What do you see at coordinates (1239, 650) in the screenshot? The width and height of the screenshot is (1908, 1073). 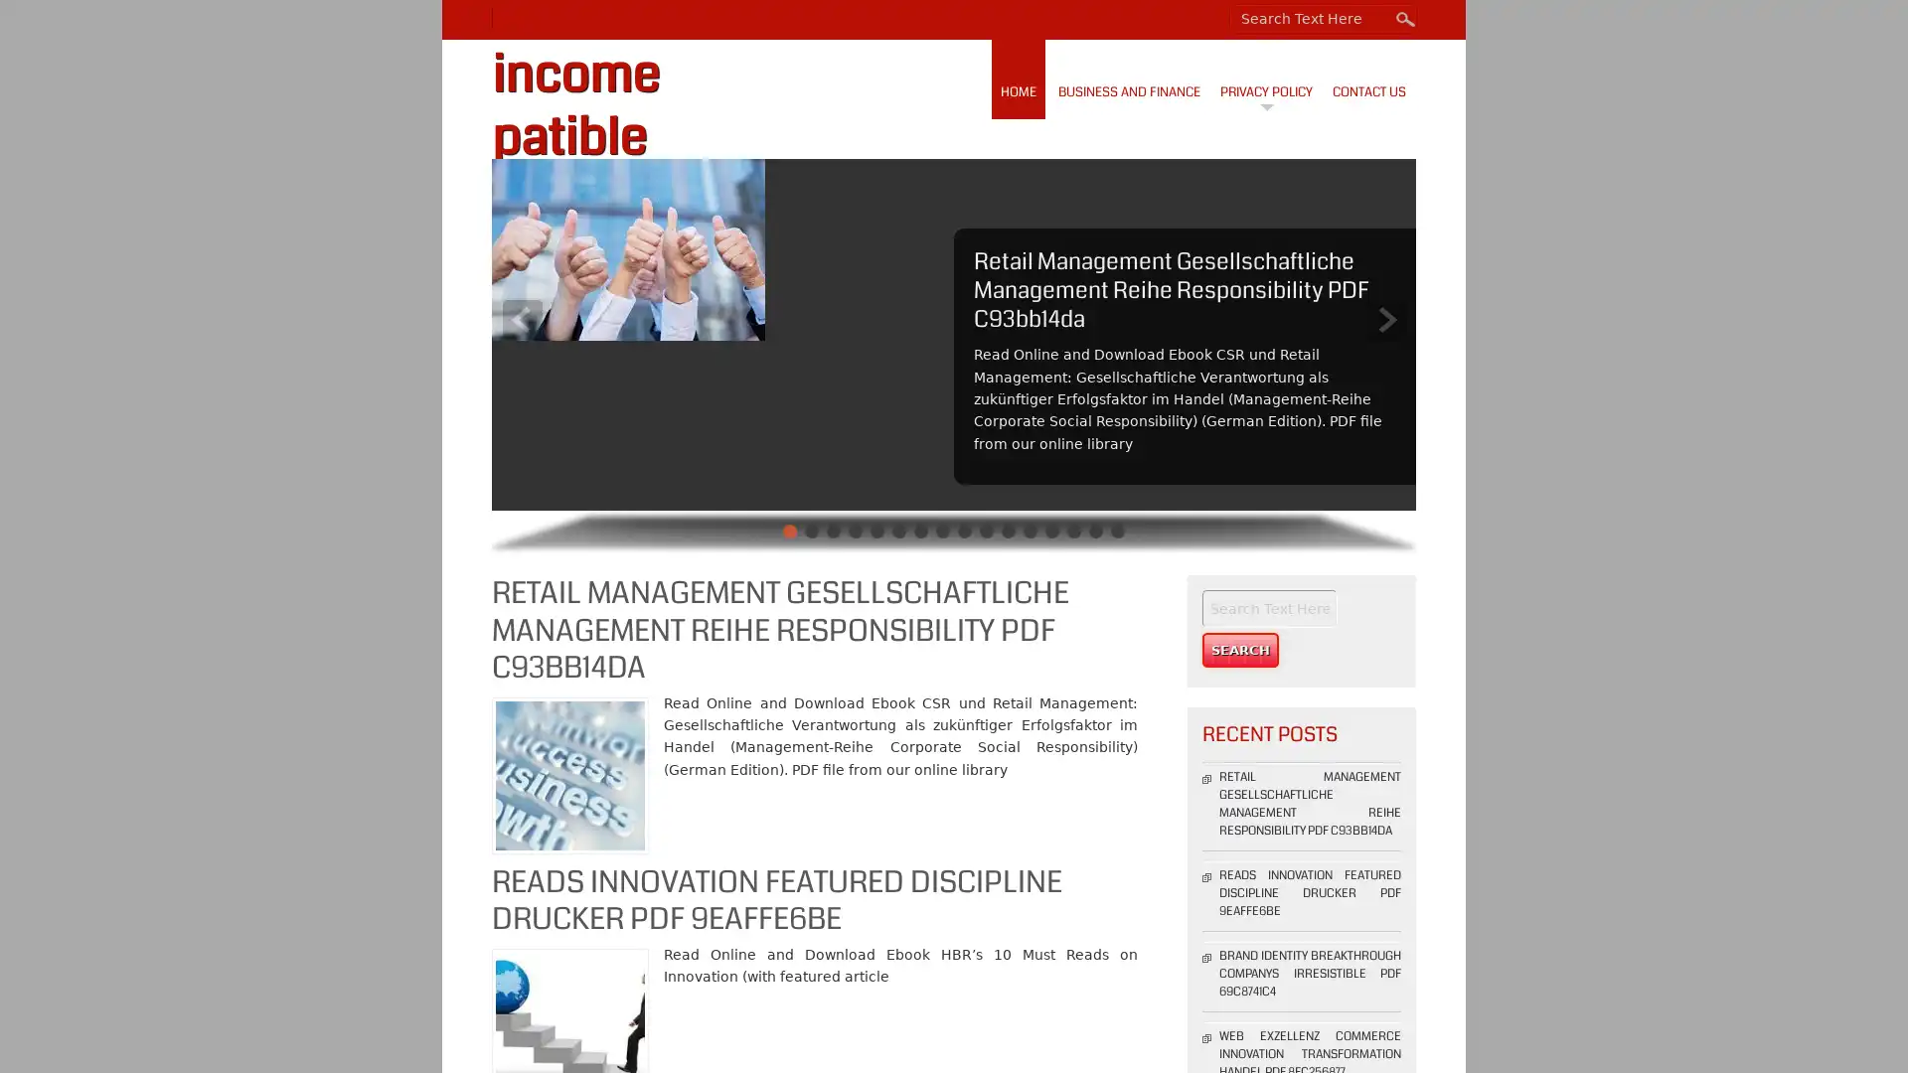 I see `Search` at bounding box center [1239, 650].